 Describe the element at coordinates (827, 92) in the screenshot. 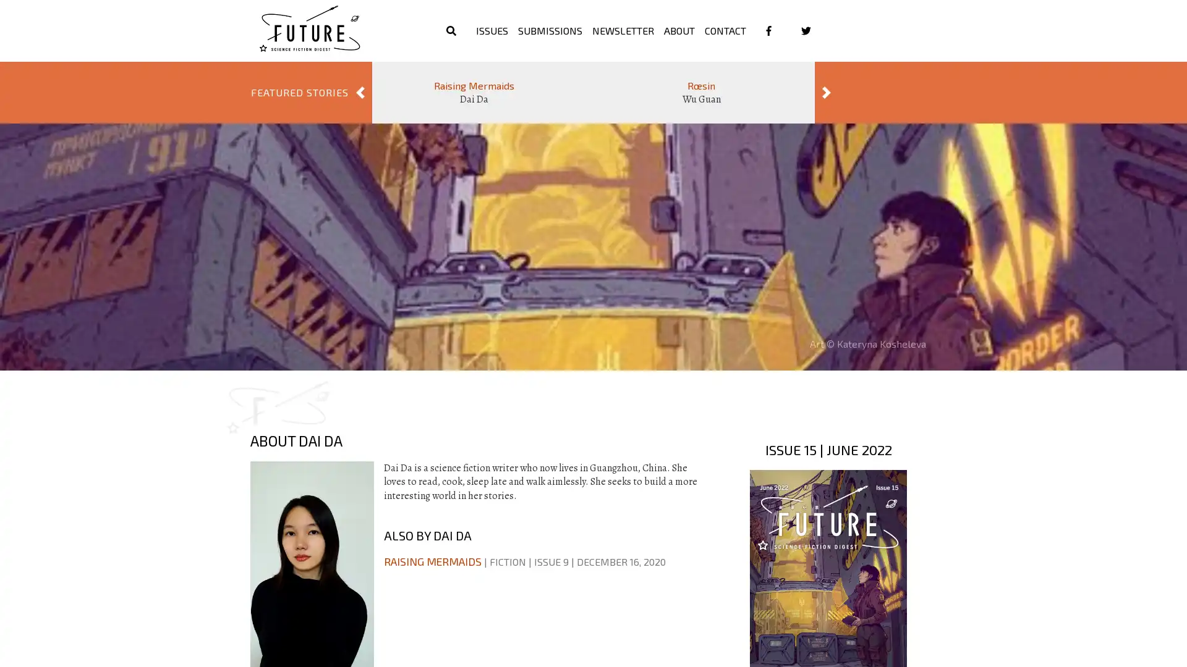

I see `Next` at that location.